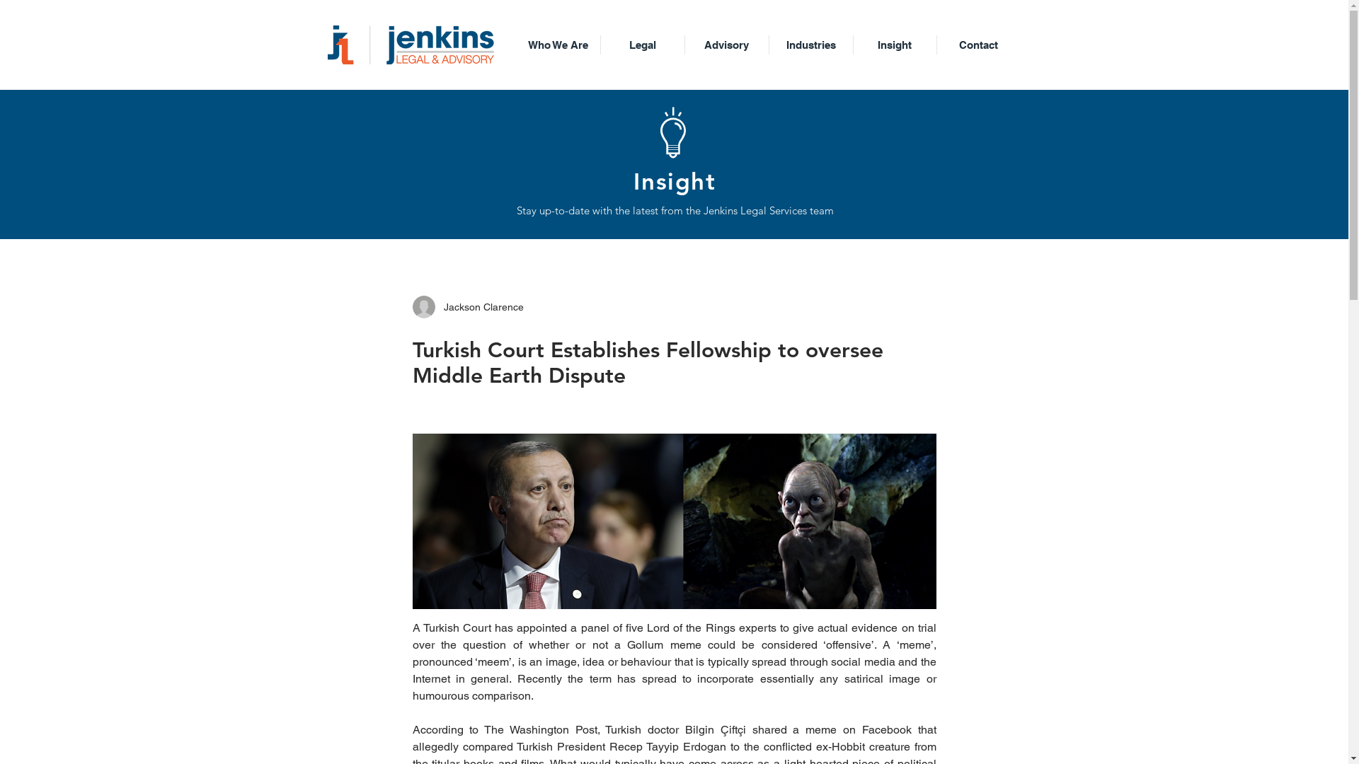  What do you see at coordinates (556, 44) in the screenshot?
I see `'Who We Are'` at bounding box center [556, 44].